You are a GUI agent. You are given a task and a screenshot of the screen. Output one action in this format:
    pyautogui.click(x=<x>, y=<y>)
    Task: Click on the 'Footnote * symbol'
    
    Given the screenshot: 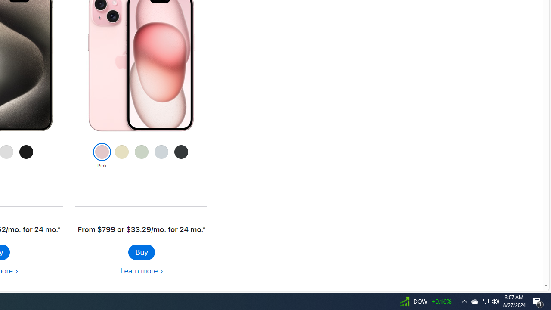 What is the action you would take?
    pyautogui.click(x=203, y=229)
    